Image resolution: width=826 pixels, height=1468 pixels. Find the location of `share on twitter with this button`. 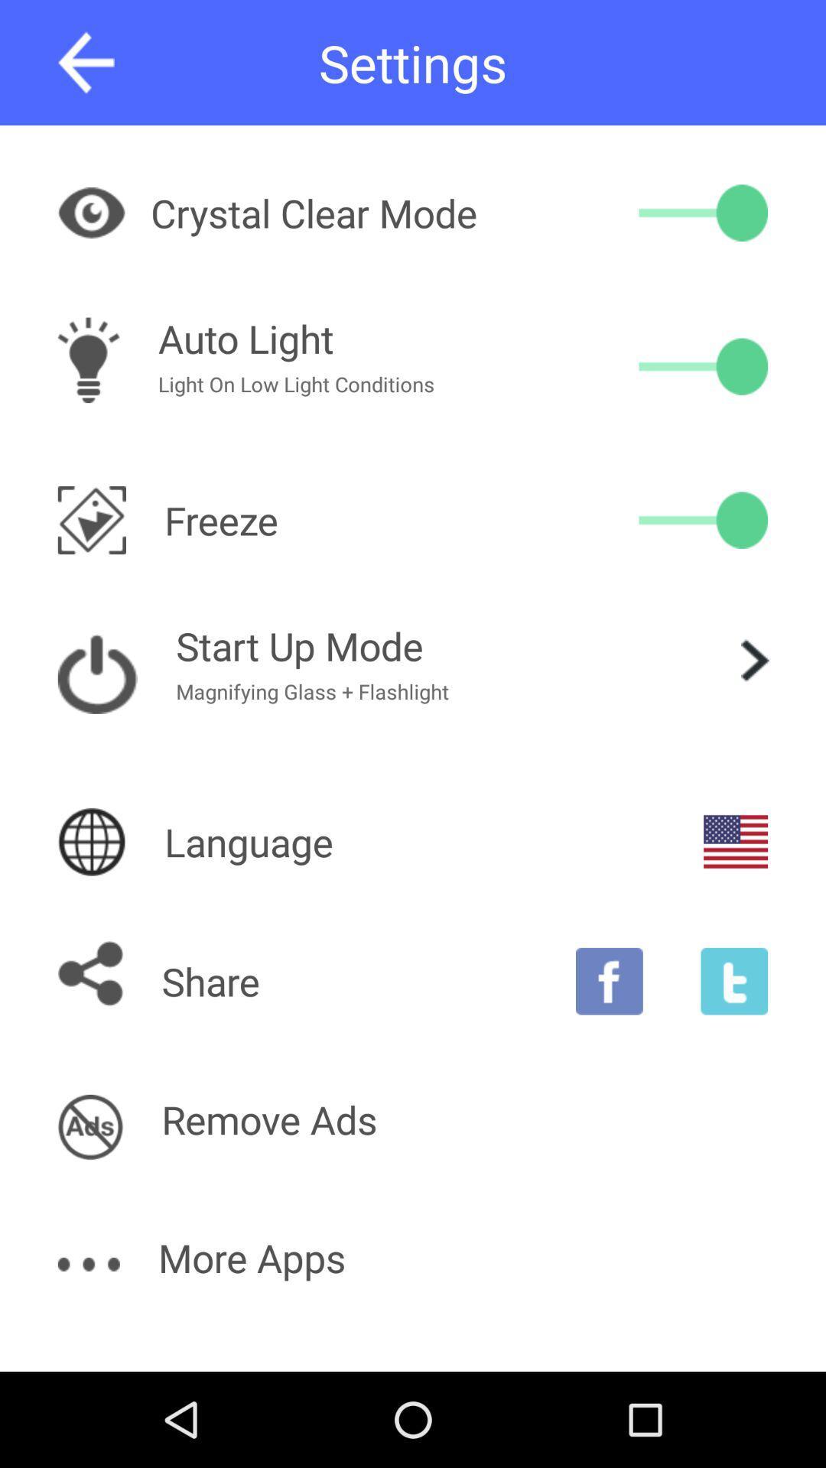

share on twitter with this button is located at coordinates (733, 981).